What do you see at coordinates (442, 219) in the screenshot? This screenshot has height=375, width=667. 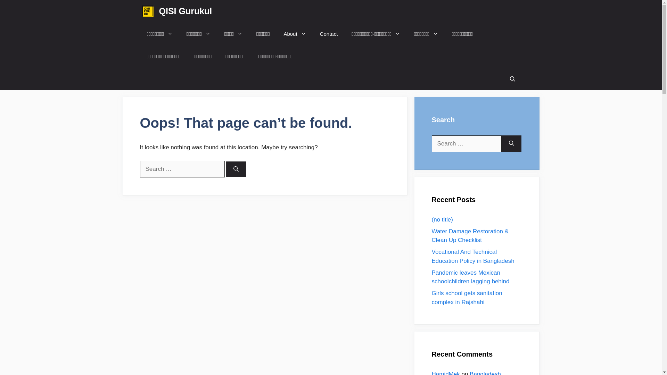 I see `'(no title)'` at bounding box center [442, 219].